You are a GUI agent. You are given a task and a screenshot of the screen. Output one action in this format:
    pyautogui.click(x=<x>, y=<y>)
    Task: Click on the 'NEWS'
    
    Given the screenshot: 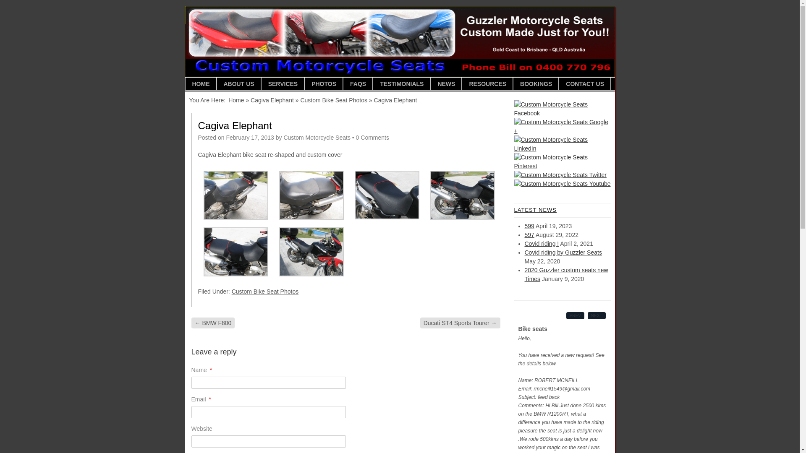 What is the action you would take?
    pyautogui.click(x=445, y=84)
    